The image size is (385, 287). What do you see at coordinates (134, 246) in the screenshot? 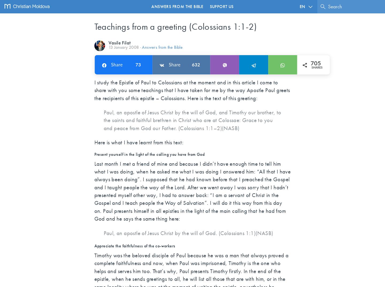
I see `'Appreciate the faithfulness of the co-workers'` at bounding box center [134, 246].